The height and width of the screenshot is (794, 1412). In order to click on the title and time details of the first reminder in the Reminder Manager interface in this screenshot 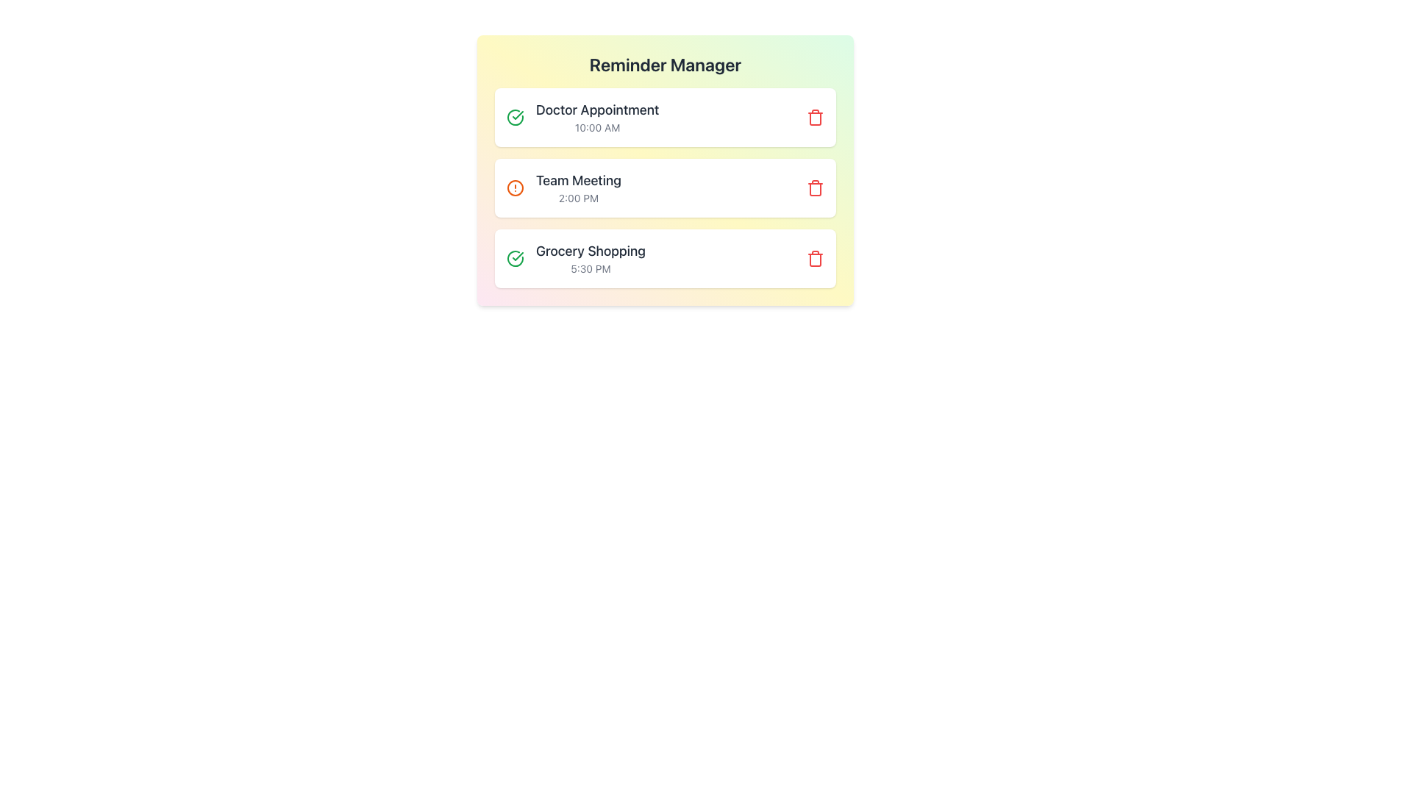, I will do `click(597, 116)`.